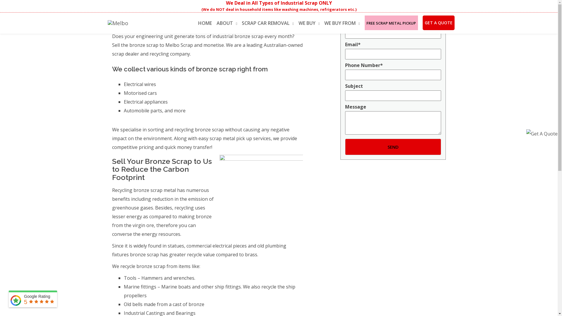 The image size is (562, 316). I want to click on 'SCRAP CAR REMOVAL', so click(267, 22).